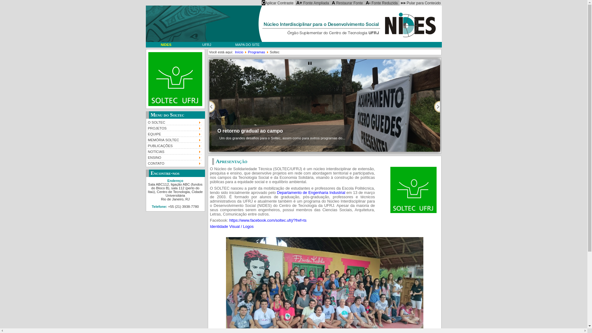 This screenshot has width=592, height=333. I want to click on 'O SOLTEC', so click(146, 122).